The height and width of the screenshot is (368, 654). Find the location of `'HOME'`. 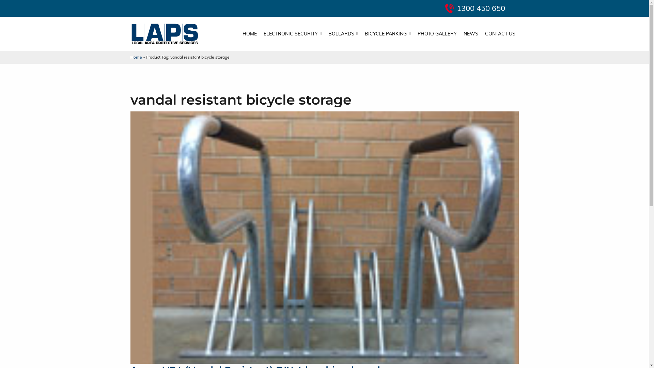

'HOME' is located at coordinates (249, 34).